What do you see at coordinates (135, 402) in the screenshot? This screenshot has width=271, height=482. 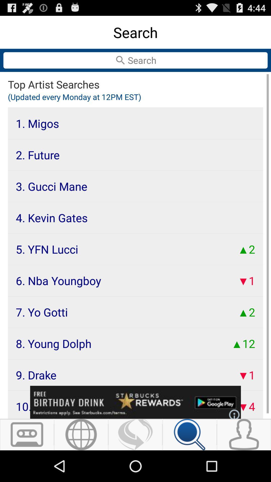 I see `click the advertisement` at bounding box center [135, 402].